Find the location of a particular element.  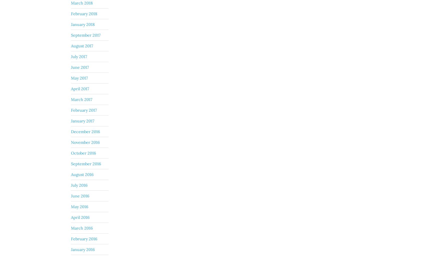

'April 2016' is located at coordinates (80, 217).